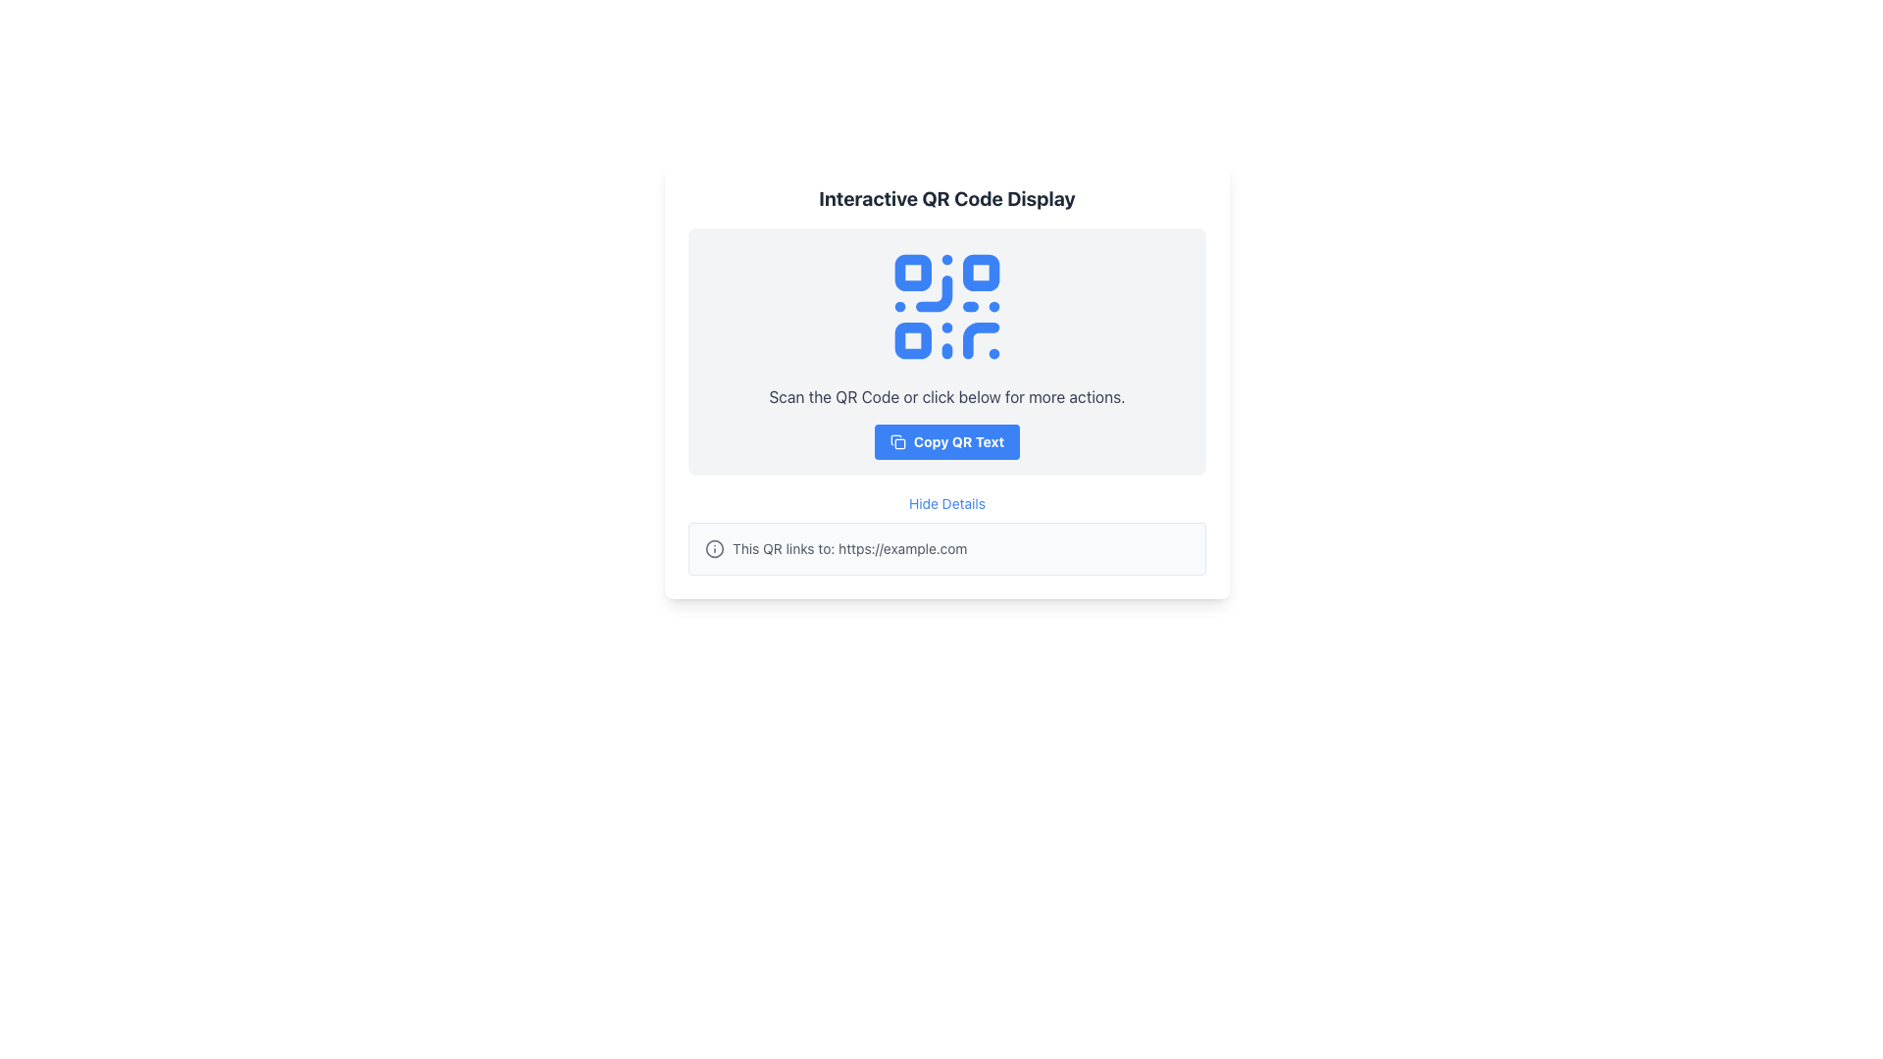 This screenshot has height=1059, width=1883. What do you see at coordinates (946, 548) in the screenshot?
I see `the informational text element that indicates the web address linked to the QR code, which is centrally positioned slightly below the QR code section and contained within a bordered box with a light gray background` at bounding box center [946, 548].